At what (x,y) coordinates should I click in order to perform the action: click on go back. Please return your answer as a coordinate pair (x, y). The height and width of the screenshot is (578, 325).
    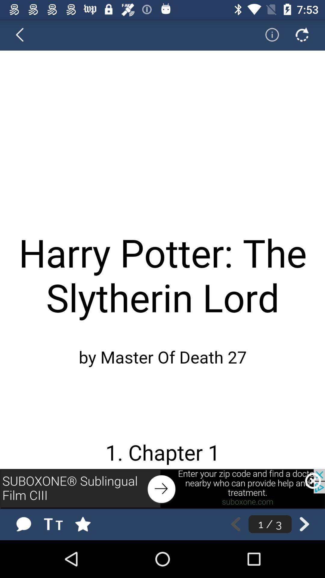
    Looking at the image, I should click on (23, 34).